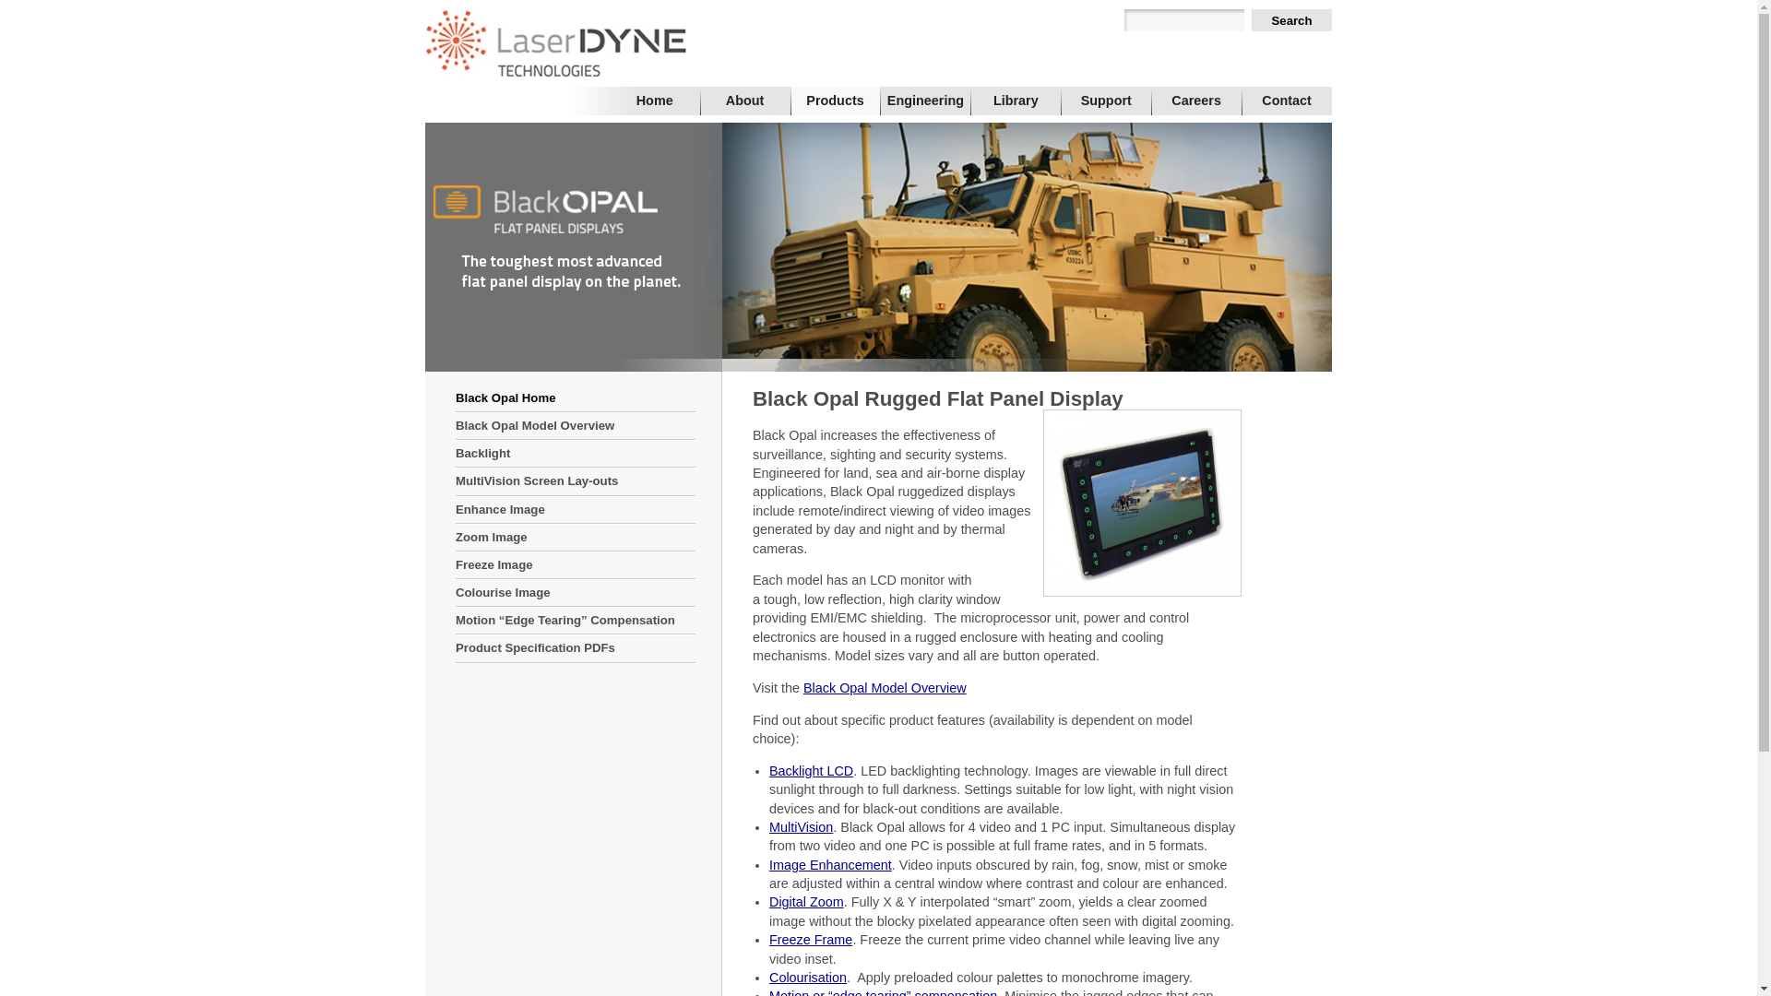 Image resolution: width=1771 pixels, height=996 pixels. What do you see at coordinates (744, 101) in the screenshot?
I see `'About'` at bounding box center [744, 101].